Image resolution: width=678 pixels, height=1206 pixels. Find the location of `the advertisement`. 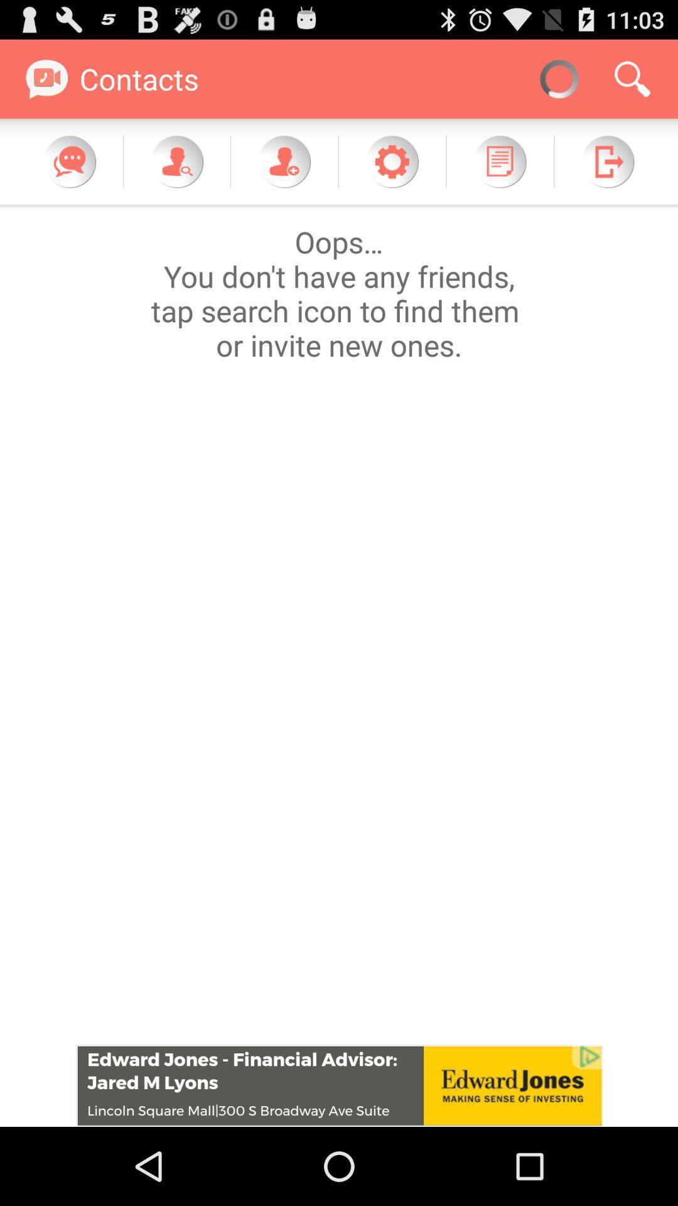

the advertisement is located at coordinates (339, 1085).